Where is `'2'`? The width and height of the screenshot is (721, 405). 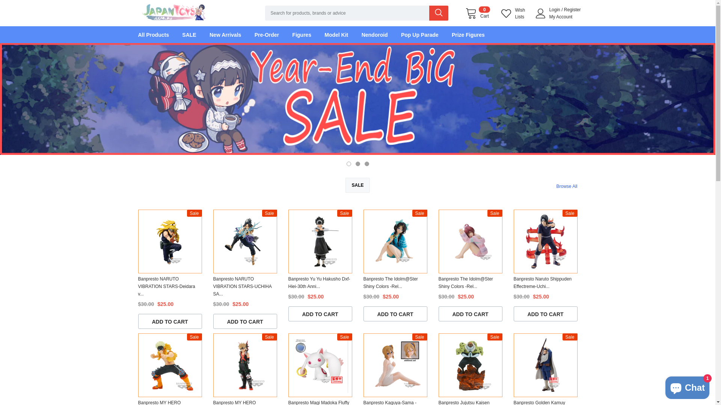
'2' is located at coordinates (354, 163).